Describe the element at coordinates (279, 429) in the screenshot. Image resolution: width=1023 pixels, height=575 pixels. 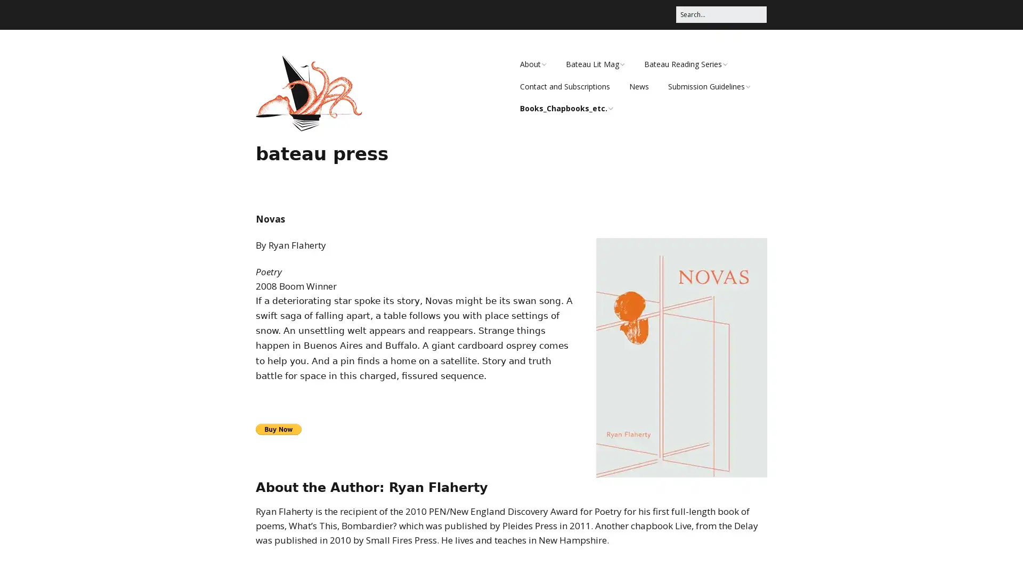
I see `PayPal - The safer, easier way to pay online!` at that location.